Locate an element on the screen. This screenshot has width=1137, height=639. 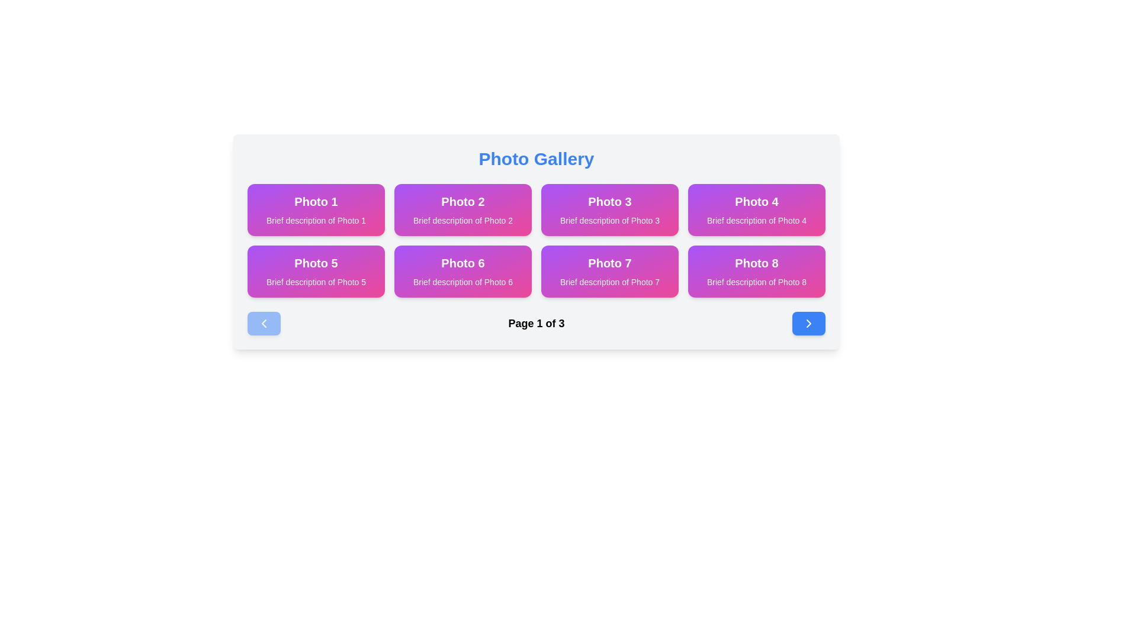
the next page navigation button located at the bottom right of the layout, adjacent to the 'Page 1 of 3' text is located at coordinates (808, 324).